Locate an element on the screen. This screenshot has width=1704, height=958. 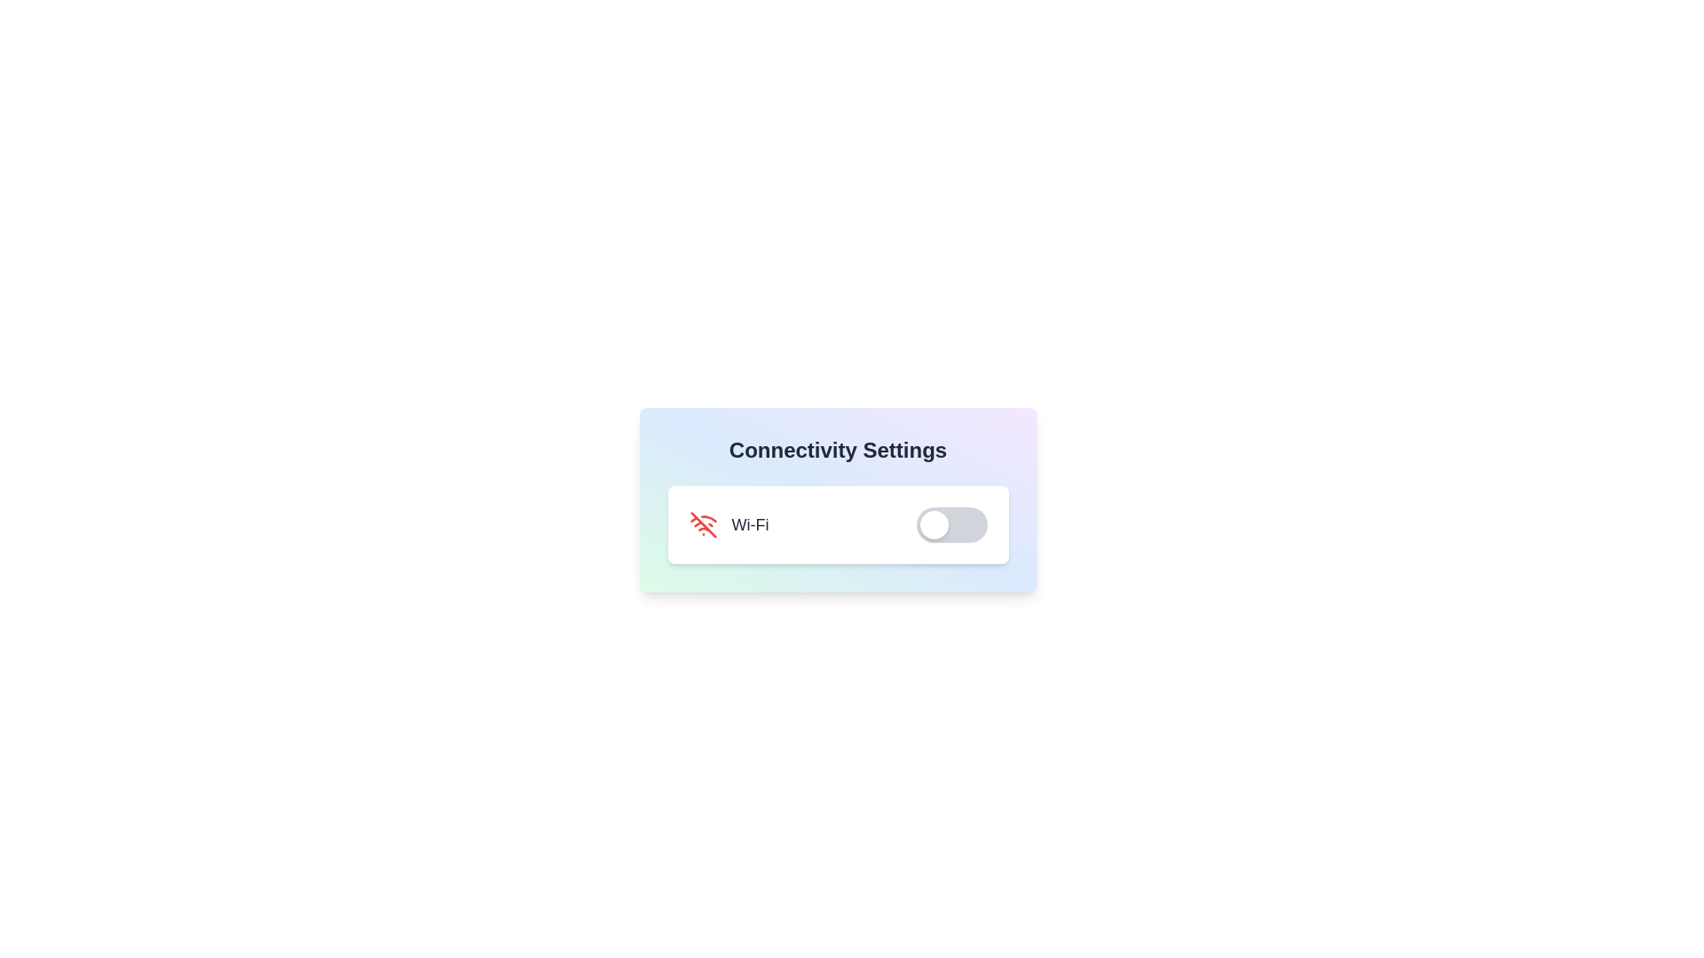
the Wi-Fi status icon that indicates Wi-Fi being turned off or disconnected, located within the rectangular card labeled 'Wi-Fi' is located at coordinates (702, 523).